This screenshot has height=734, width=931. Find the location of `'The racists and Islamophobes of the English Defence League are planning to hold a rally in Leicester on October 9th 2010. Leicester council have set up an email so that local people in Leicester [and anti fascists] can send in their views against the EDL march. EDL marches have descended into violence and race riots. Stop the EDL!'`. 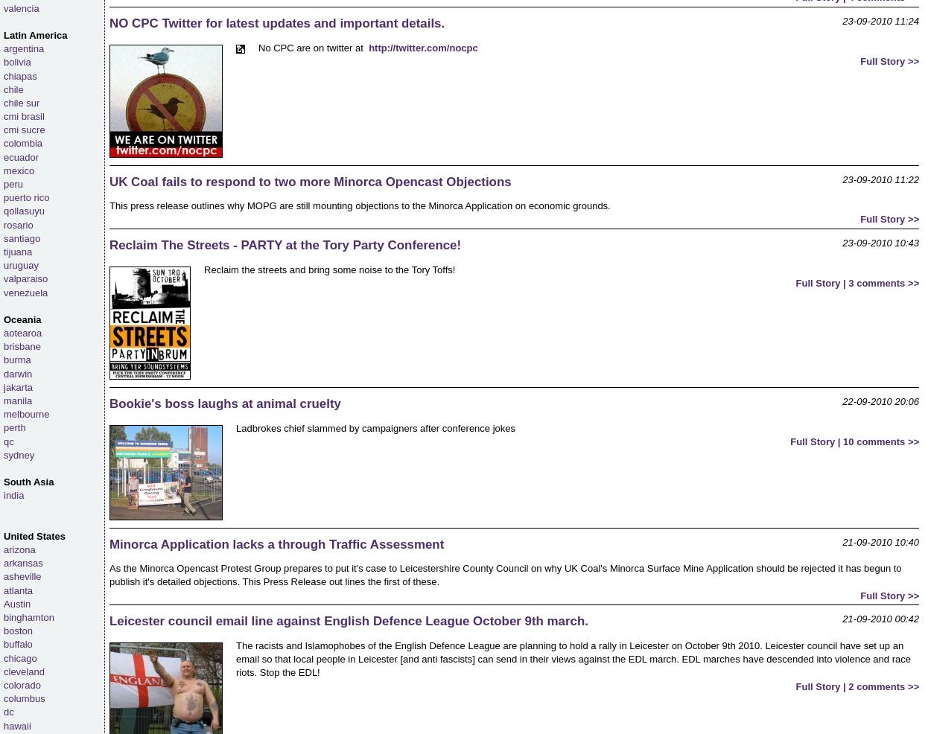

'The racists and Islamophobes of the English Defence League are planning to hold a rally in Leicester on October 9th 2010. Leicester council have set up an email so that local people in Leicester [and anti fascists] can send in their views against the EDL march. EDL marches have descended into violence and race riots. Stop the EDL!' is located at coordinates (573, 658).